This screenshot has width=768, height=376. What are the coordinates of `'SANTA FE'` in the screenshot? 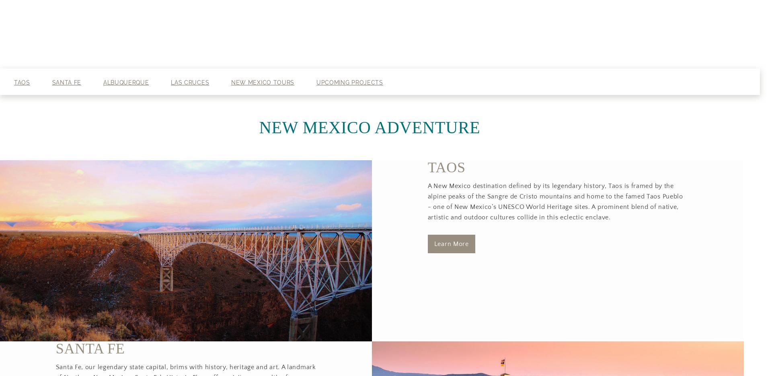 It's located at (90, 348).